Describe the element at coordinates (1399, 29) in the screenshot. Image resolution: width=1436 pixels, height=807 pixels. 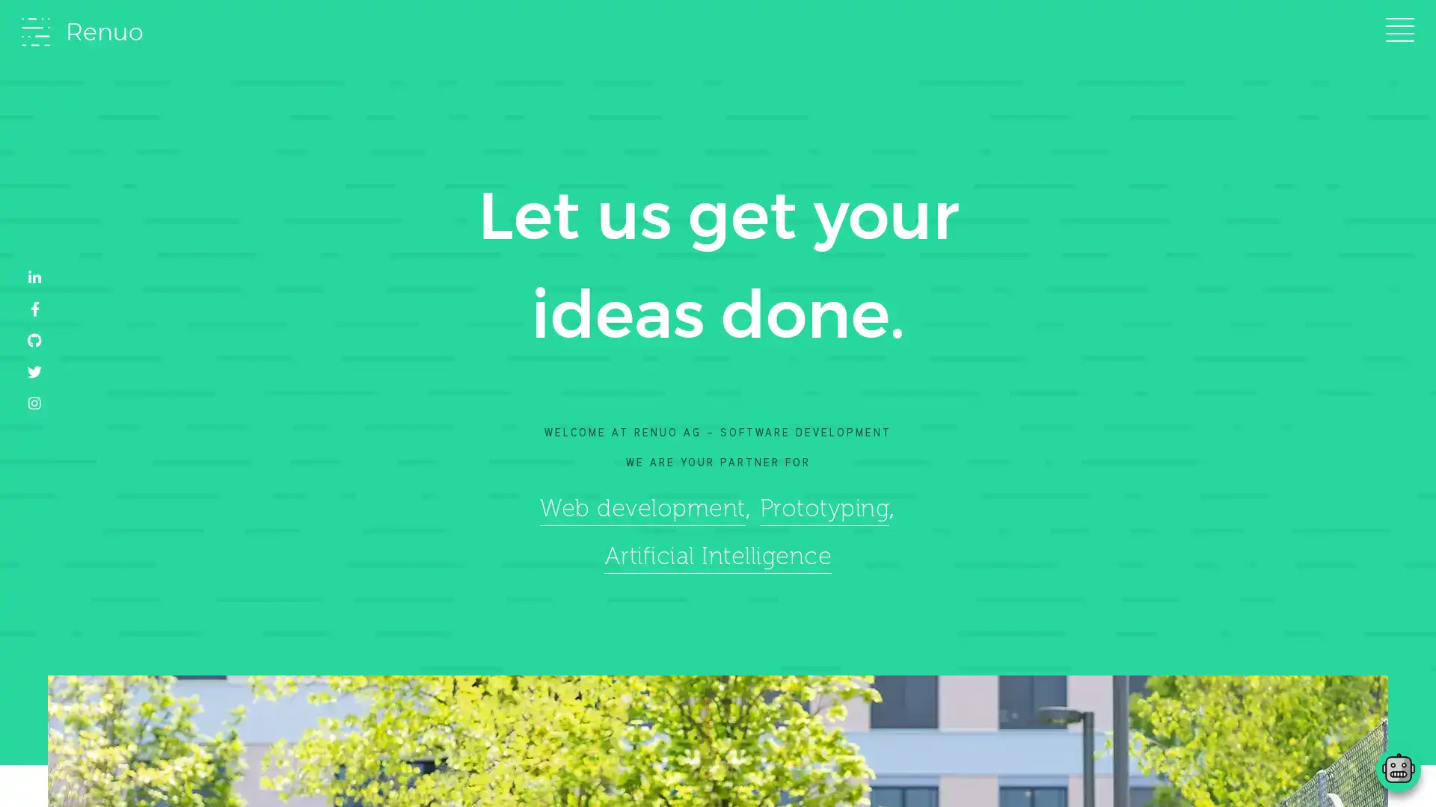
I see `Toggle navigation` at that location.